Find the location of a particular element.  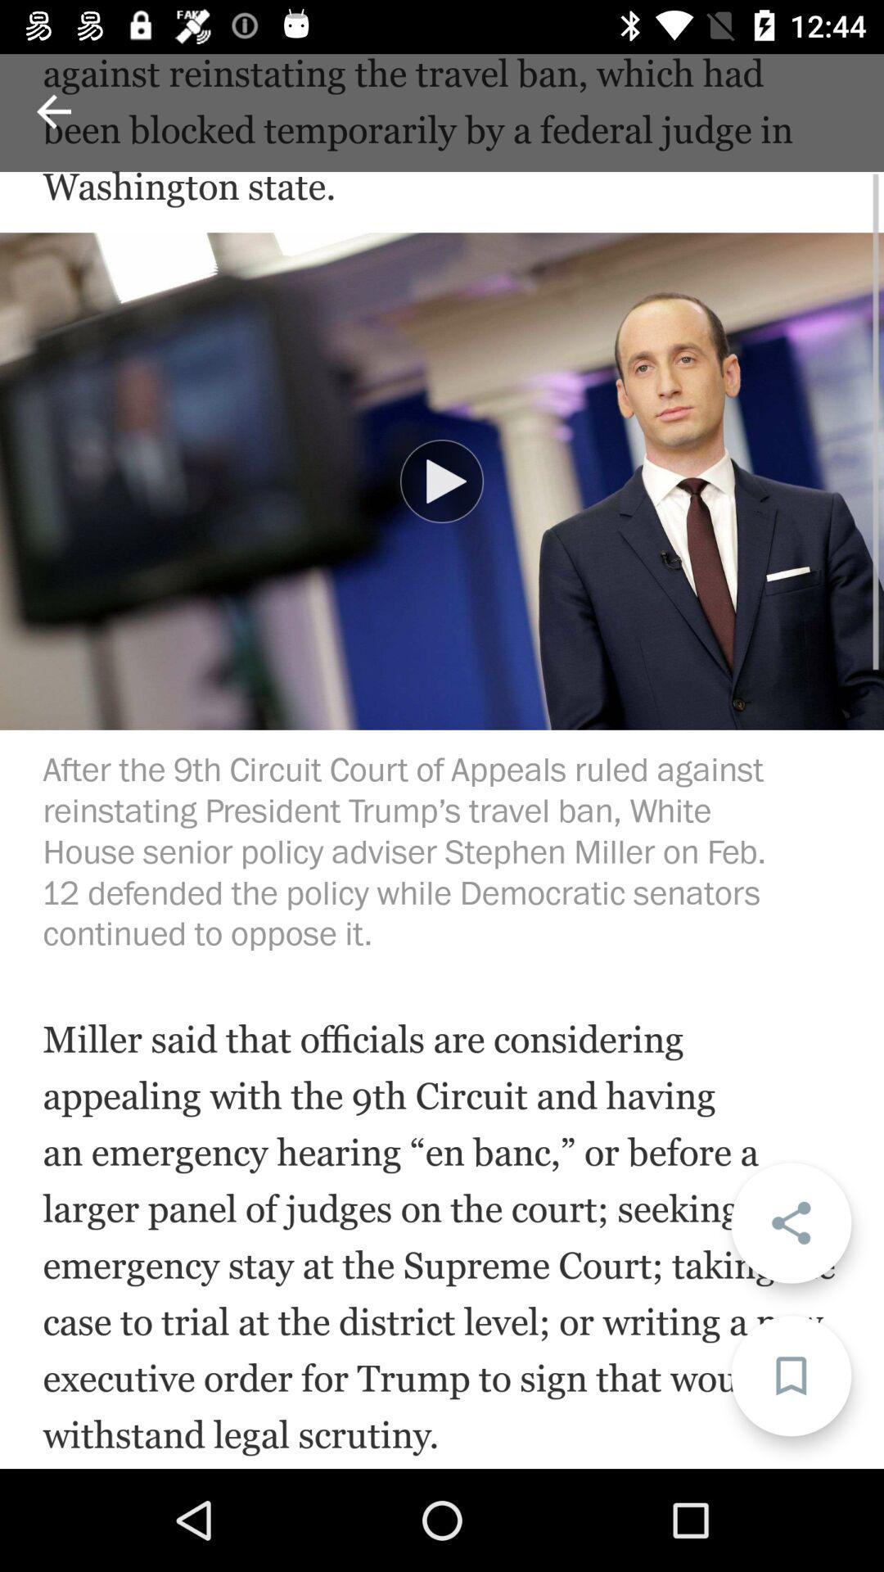

the arrow_backward icon is located at coordinates (52, 111).